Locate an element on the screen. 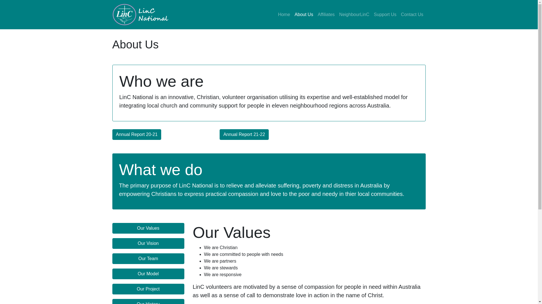 This screenshot has width=542, height=304. 'Our Project' is located at coordinates (148, 289).